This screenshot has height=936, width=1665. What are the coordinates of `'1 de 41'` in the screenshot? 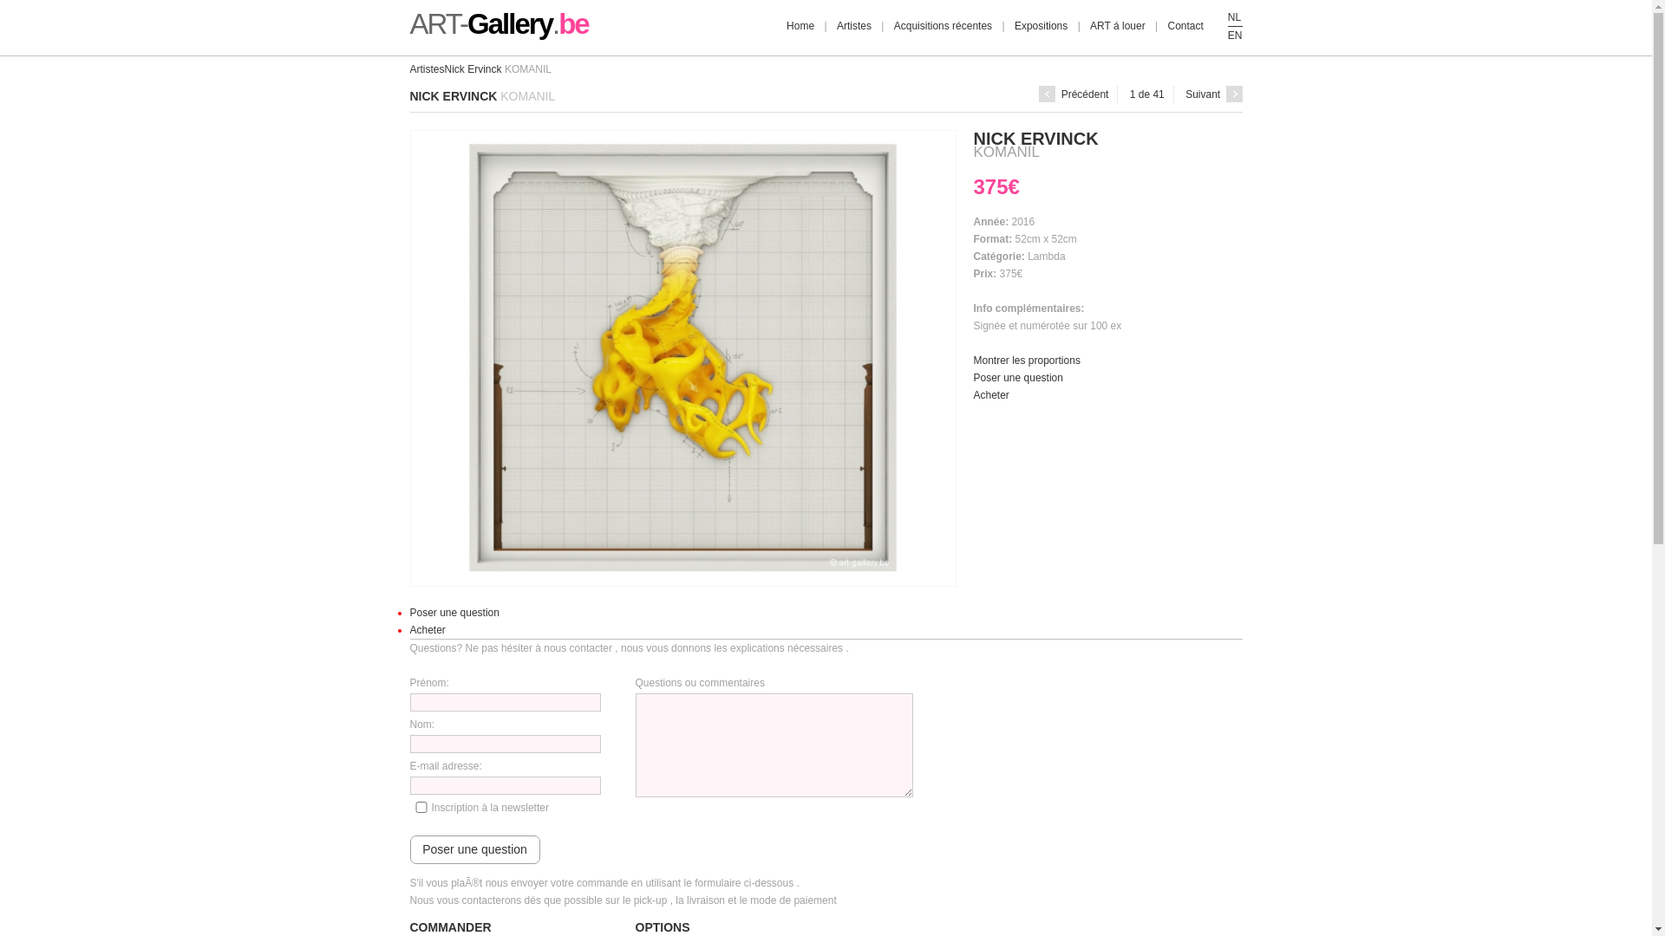 It's located at (1147, 94).